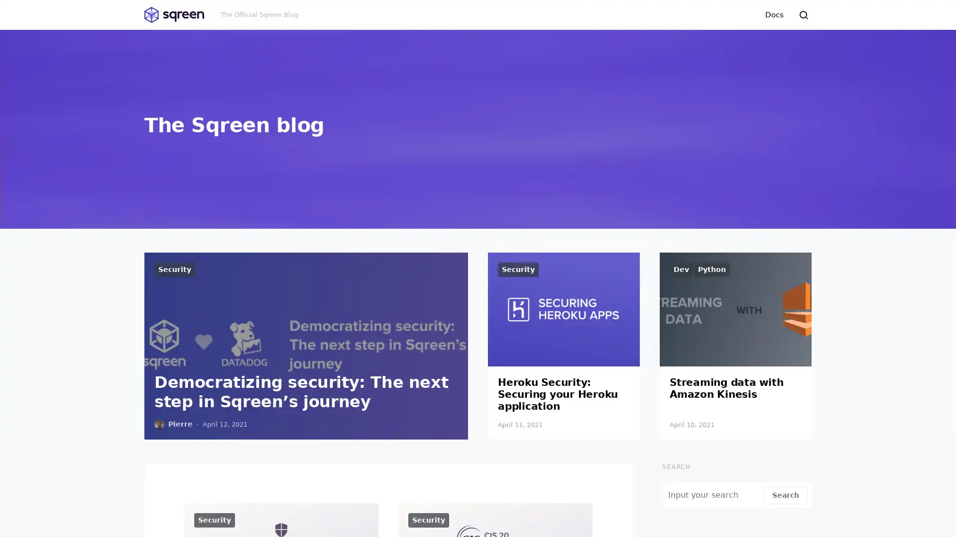 The height and width of the screenshot is (537, 956). What do you see at coordinates (785, 495) in the screenshot?
I see `Search` at bounding box center [785, 495].